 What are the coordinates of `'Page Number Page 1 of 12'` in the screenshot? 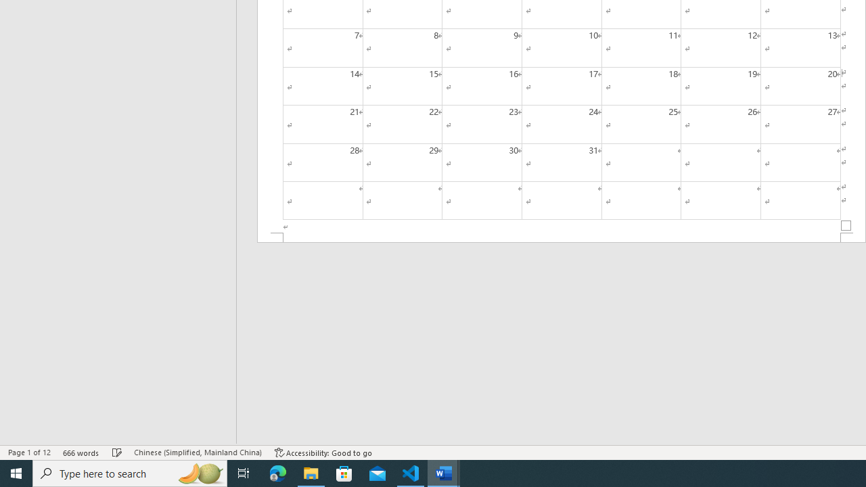 It's located at (29, 453).